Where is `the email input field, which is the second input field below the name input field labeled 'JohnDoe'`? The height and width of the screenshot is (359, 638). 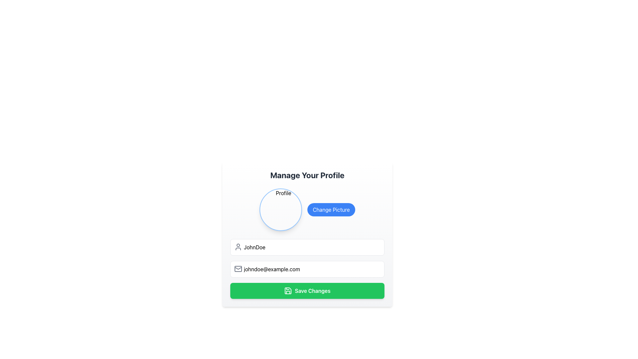
the email input field, which is the second input field below the name input field labeled 'JohnDoe' is located at coordinates (307, 269).